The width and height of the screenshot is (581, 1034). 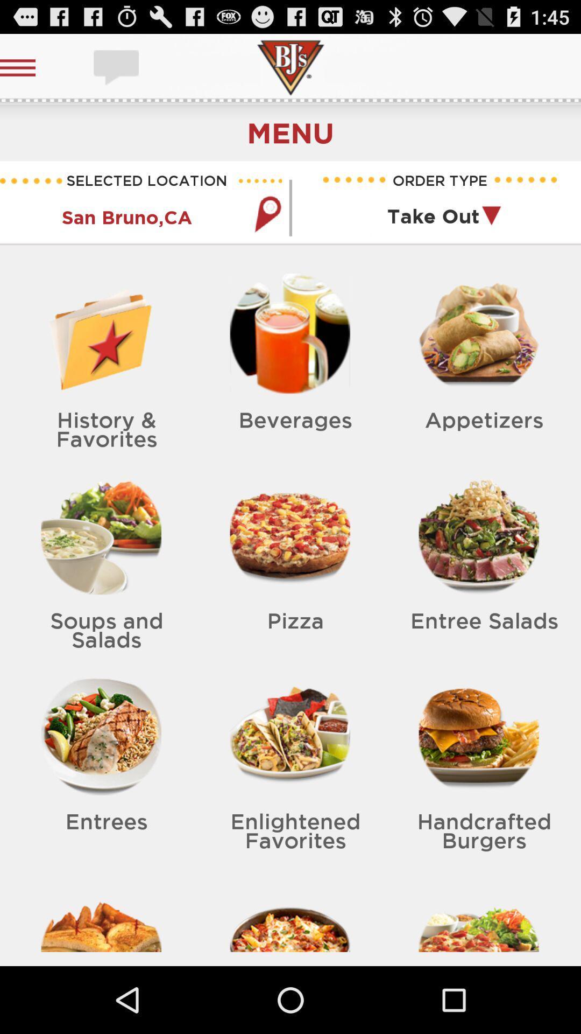 What do you see at coordinates (117, 67) in the screenshot?
I see `subtitties` at bounding box center [117, 67].